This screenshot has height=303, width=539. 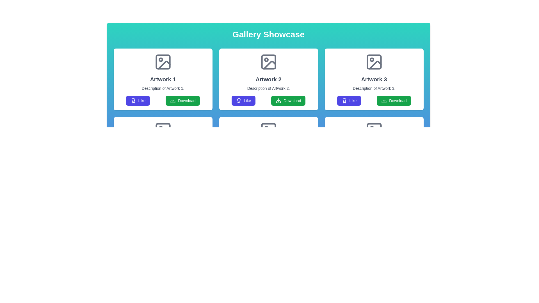 What do you see at coordinates (374, 148) in the screenshot?
I see `the 'Like' button located within the Card component that showcases an artwork preview, title, description, and actions, positioned in the rightmost position of the second row in a grid layout` at bounding box center [374, 148].